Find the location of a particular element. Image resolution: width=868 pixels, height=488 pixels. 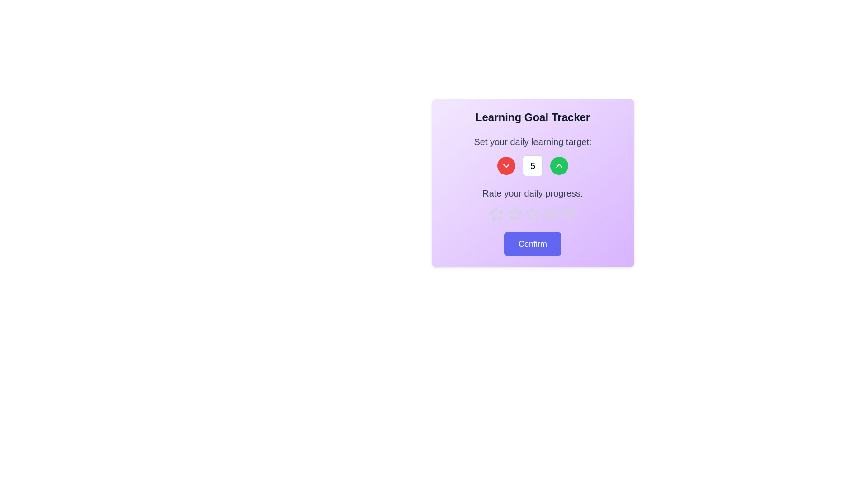

the circular green button with a white upward arrow, located to the right of the numeric value '5', to increment the value is located at coordinates (559, 165).